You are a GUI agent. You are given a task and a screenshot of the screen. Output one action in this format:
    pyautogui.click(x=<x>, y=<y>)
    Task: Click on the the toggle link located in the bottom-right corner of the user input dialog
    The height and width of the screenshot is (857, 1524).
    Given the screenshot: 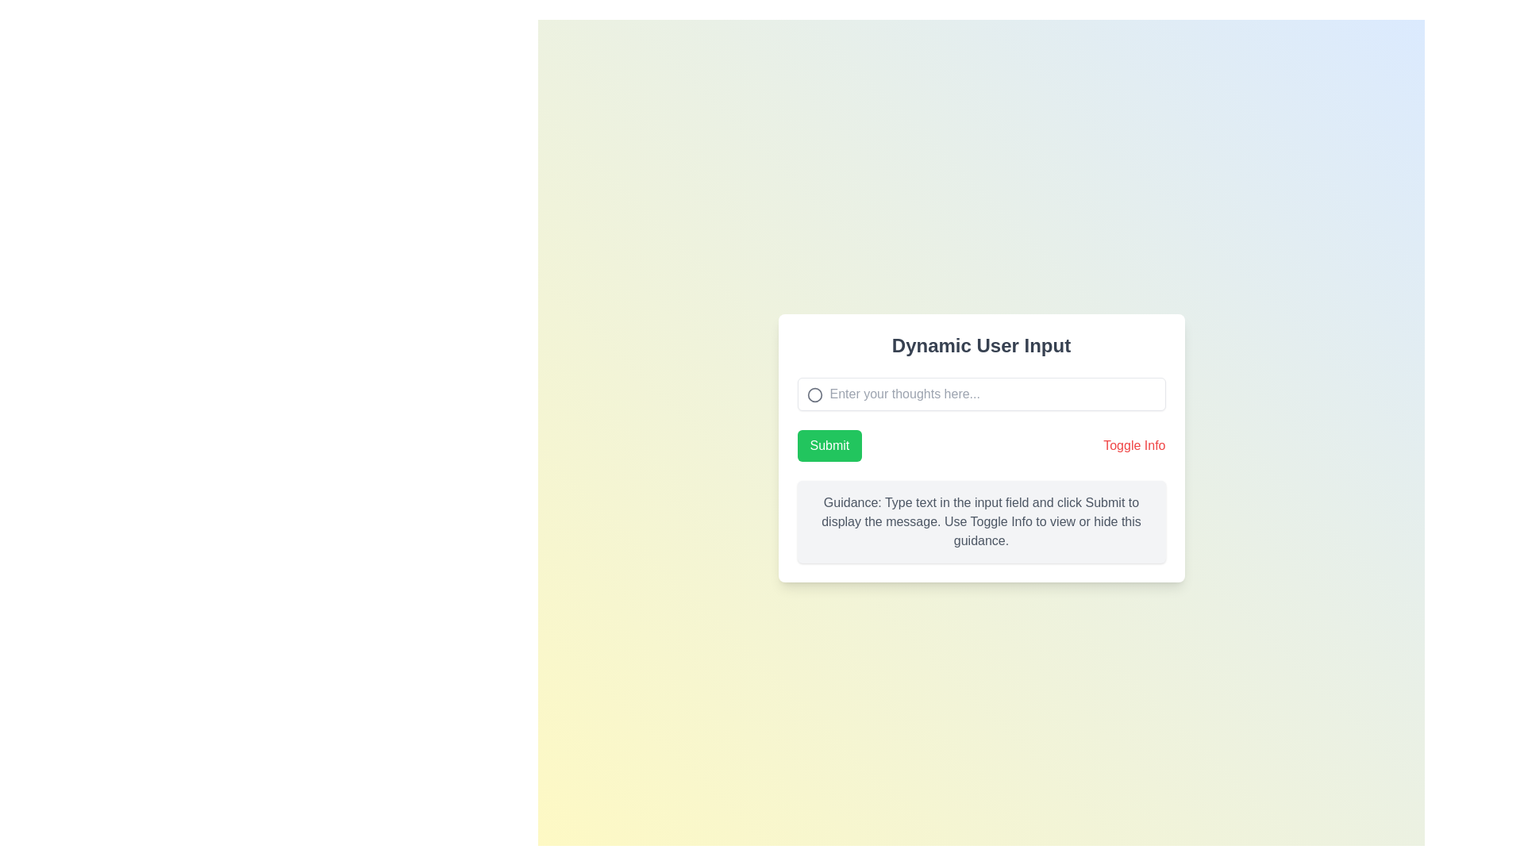 What is the action you would take?
    pyautogui.click(x=1133, y=446)
    